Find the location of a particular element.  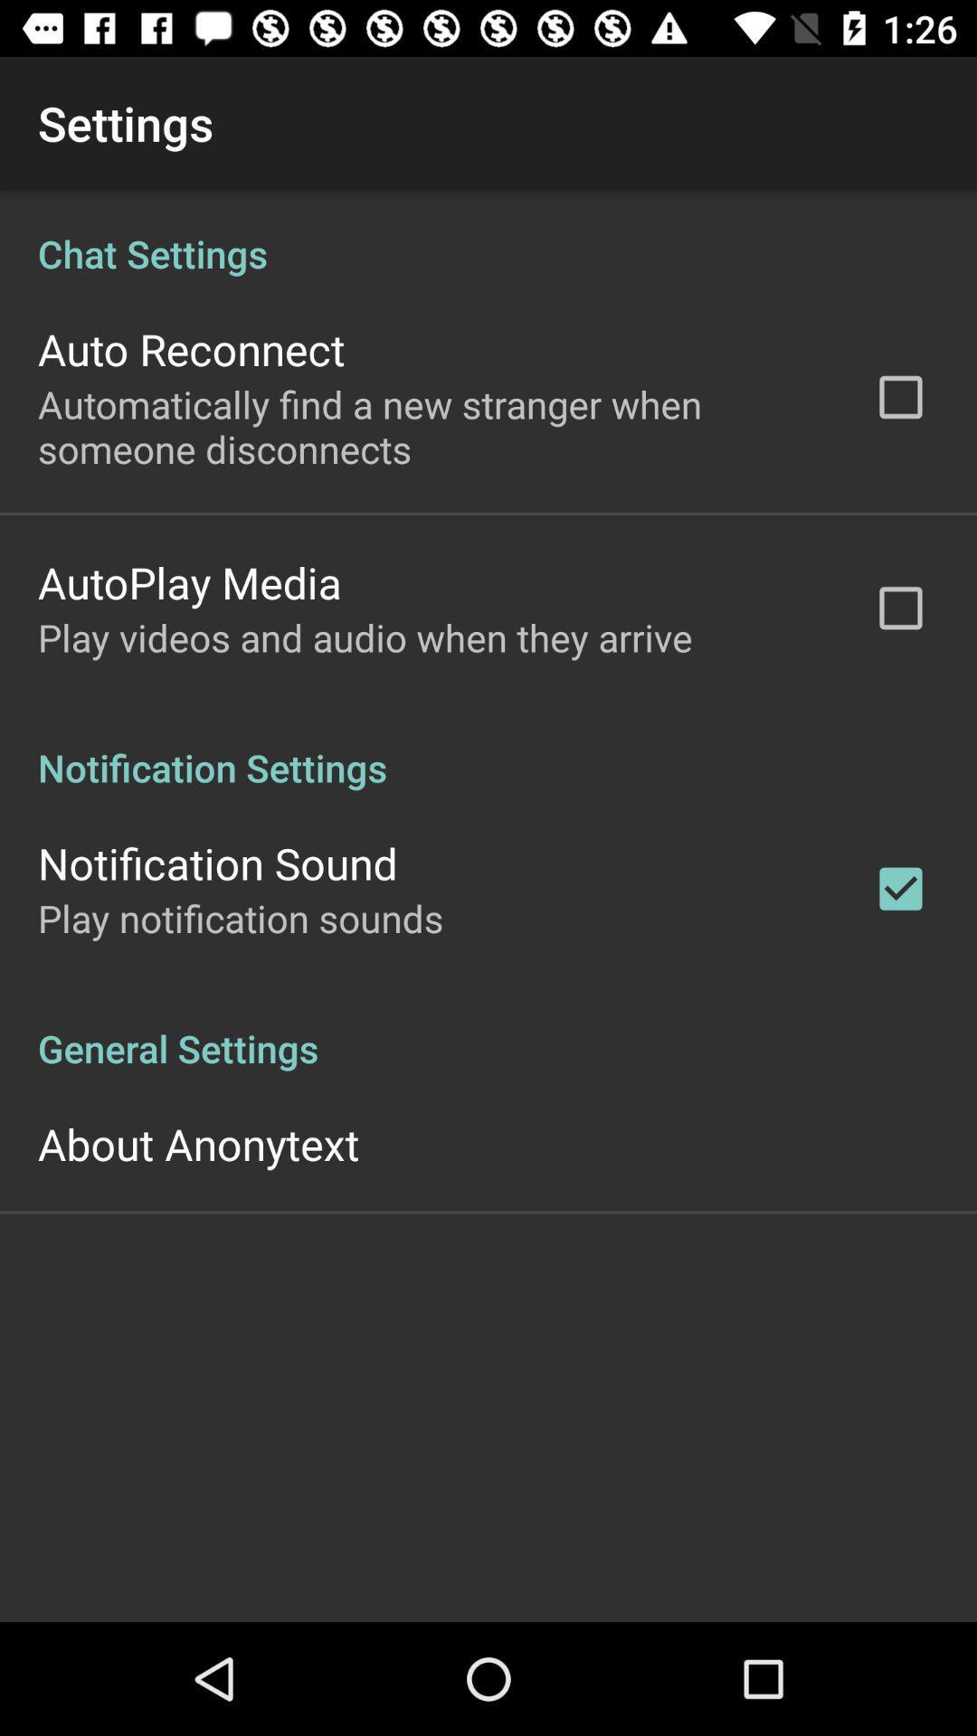

icon above the notification sound item is located at coordinates (488, 749).